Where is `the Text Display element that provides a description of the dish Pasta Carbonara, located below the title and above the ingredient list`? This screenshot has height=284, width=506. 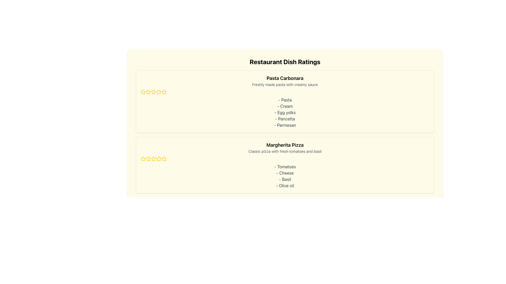
the Text Display element that provides a description of the dish Pasta Carbonara, located below the title and above the ingredient list is located at coordinates (285, 84).